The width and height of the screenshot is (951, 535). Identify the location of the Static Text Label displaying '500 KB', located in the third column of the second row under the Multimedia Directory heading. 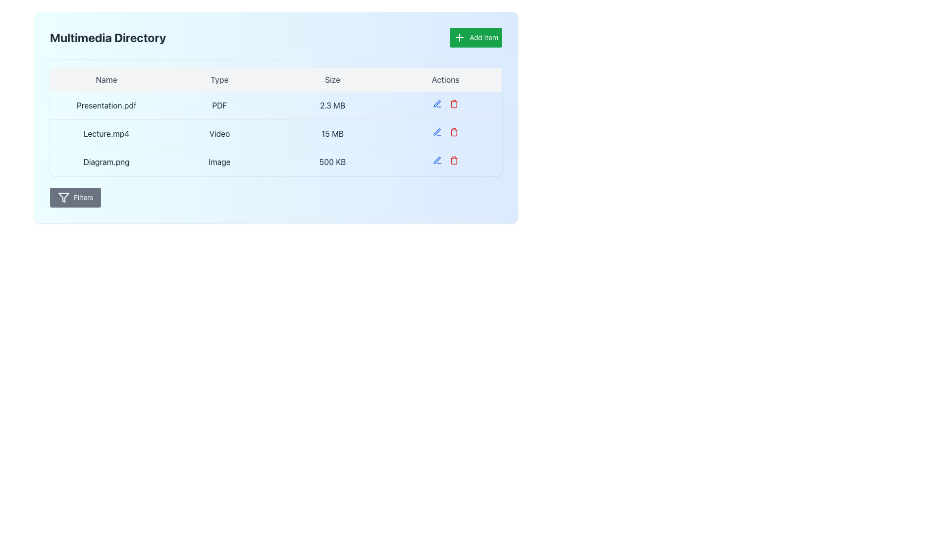
(332, 161).